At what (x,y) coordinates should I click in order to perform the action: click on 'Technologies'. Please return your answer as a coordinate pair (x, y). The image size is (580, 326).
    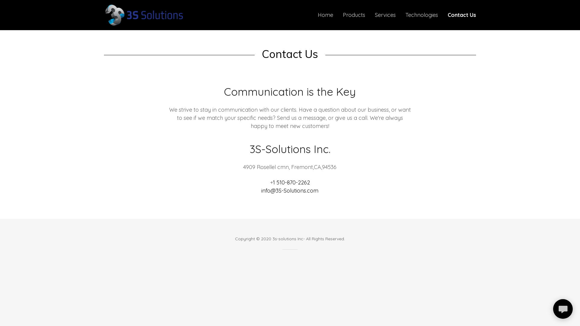
    Looking at the image, I should click on (403, 15).